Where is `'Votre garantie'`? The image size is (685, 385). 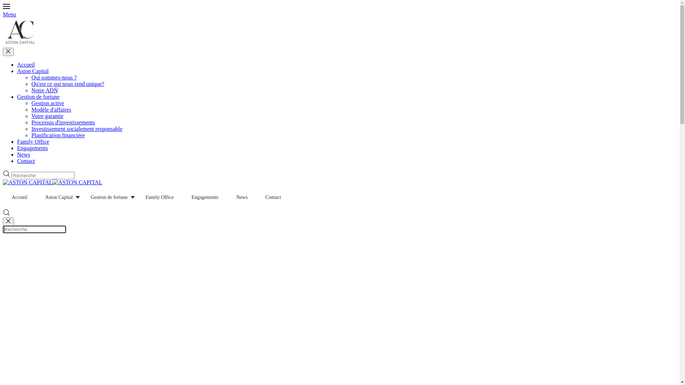 'Votre garantie' is located at coordinates (47, 115).